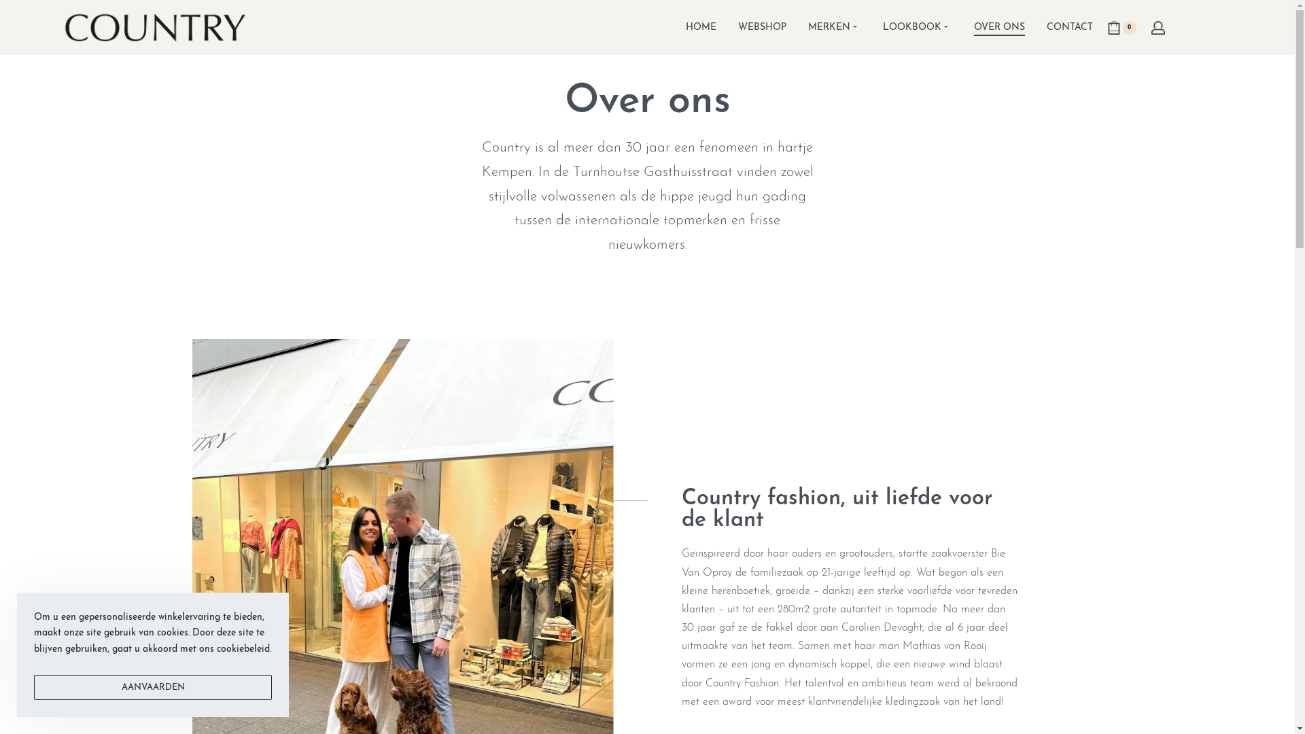 The width and height of the screenshot is (1305, 734). What do you see at coordinates (1069, 28) in the screenshot?
I see `'CONTACT'` at bounding box center [1069, 28].